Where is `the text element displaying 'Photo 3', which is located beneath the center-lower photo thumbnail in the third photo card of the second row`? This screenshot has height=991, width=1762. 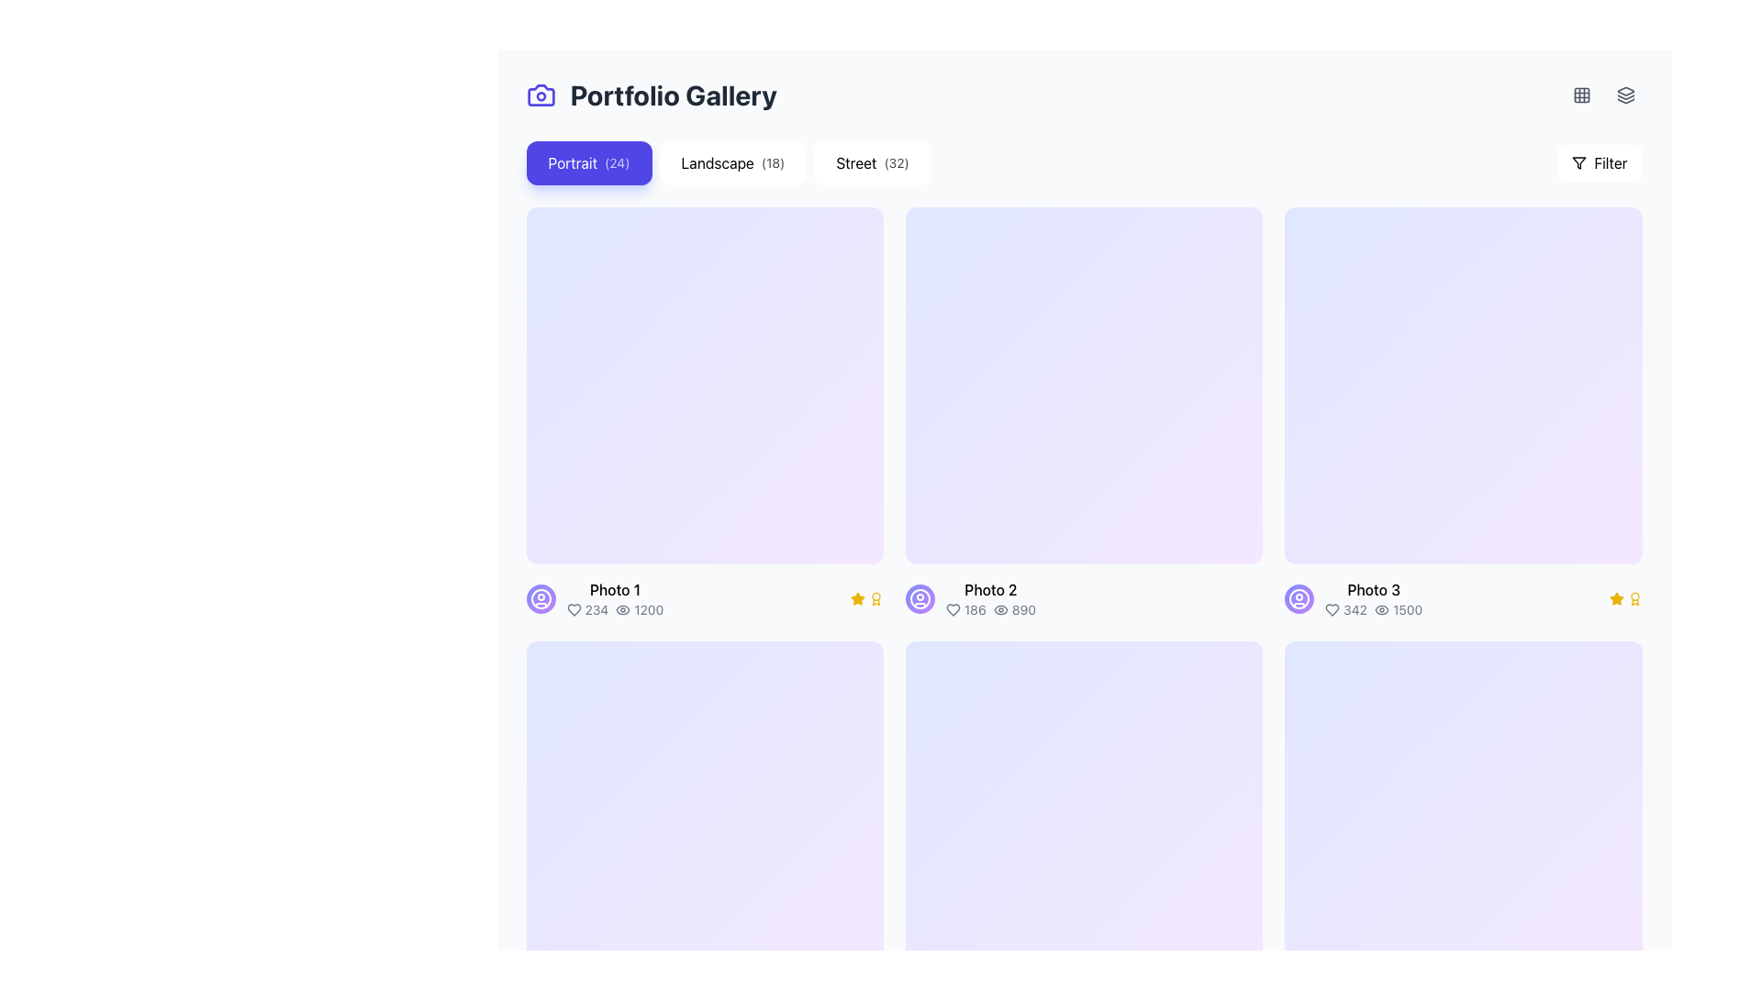
the text element displaying 'Photo 3', which is located beneath the center-lower photo thumbnail in the third photo card of the second row is located at coordinates (1374, 590).